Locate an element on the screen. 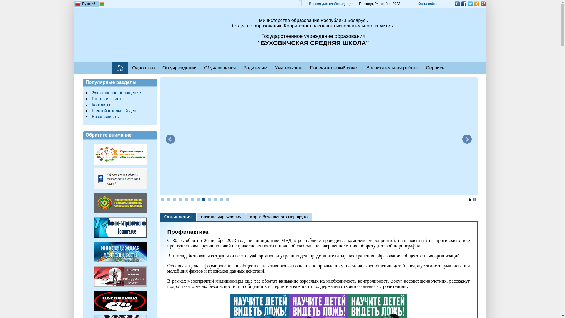 The image size is (565, 318). '10' is located at coordinates (215, 199).